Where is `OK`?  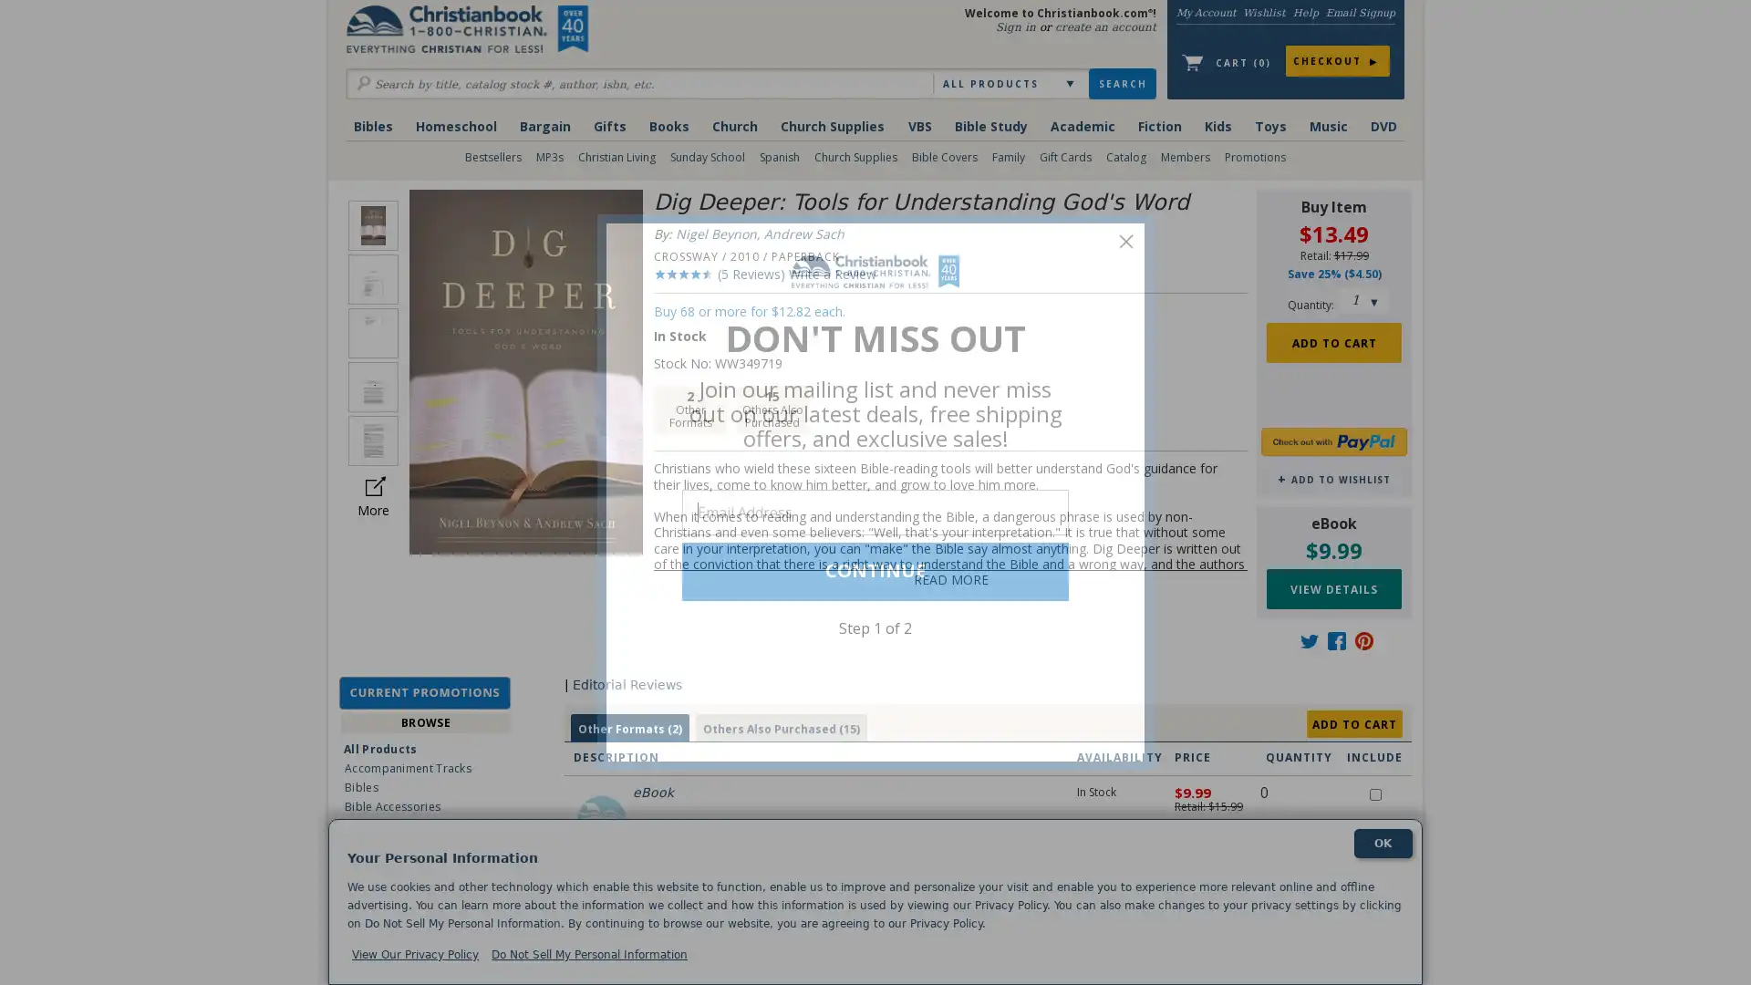
OK is located at coordinates (1383, 843).